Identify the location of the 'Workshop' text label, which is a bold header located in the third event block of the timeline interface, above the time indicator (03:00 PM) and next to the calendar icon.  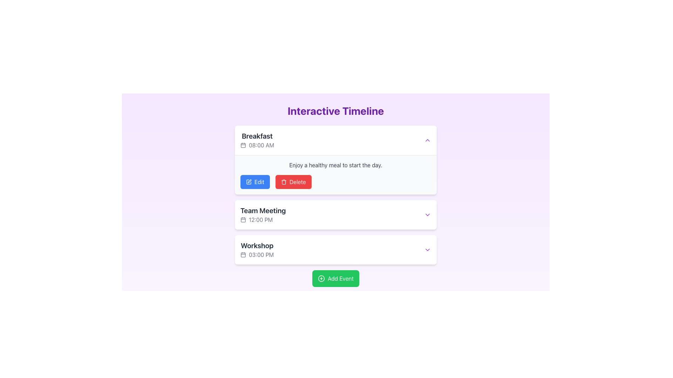
(257, 245).